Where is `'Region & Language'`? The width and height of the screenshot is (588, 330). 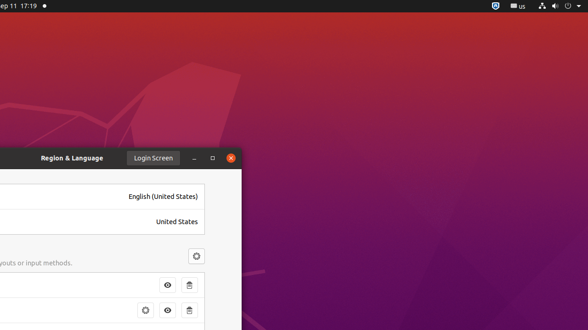 'Region & Language' is located at coordinates (72, 157).